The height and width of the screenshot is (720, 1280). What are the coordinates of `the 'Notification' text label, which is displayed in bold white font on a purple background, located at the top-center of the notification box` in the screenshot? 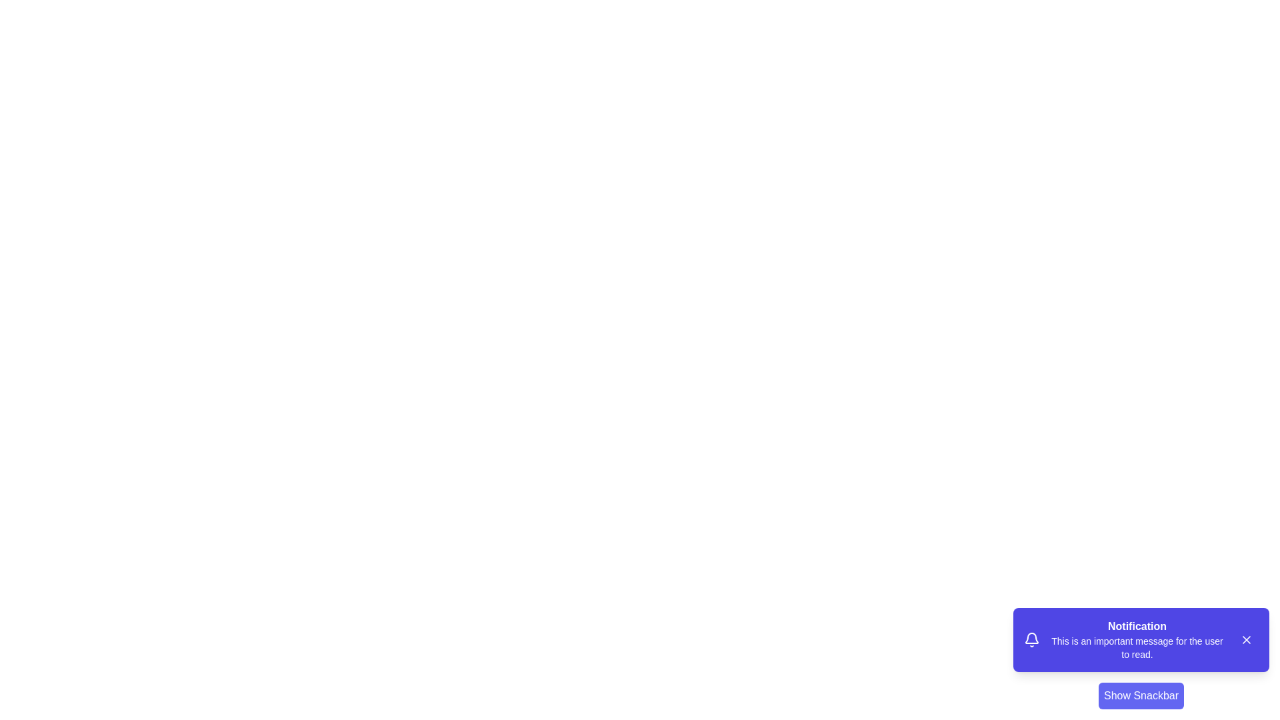 It's located at (1136, 627).